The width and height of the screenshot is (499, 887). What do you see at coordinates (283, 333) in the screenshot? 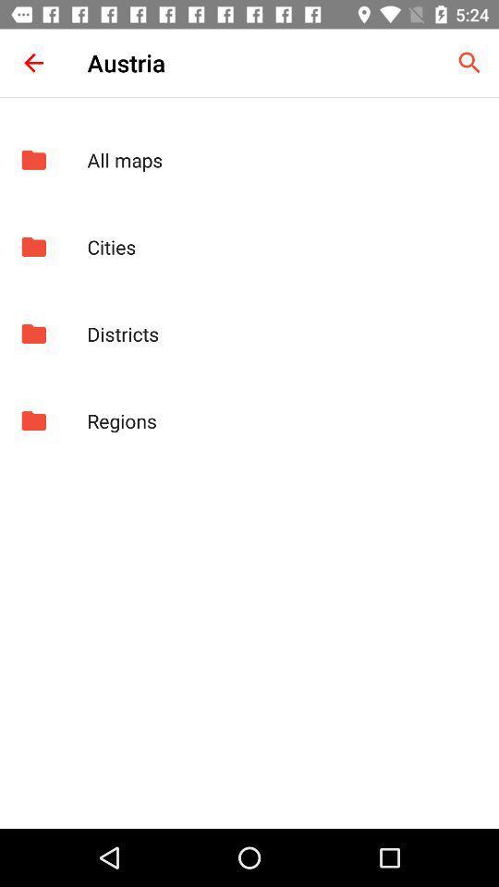
I see `the app below cities app` at bounding box center [283, 333].